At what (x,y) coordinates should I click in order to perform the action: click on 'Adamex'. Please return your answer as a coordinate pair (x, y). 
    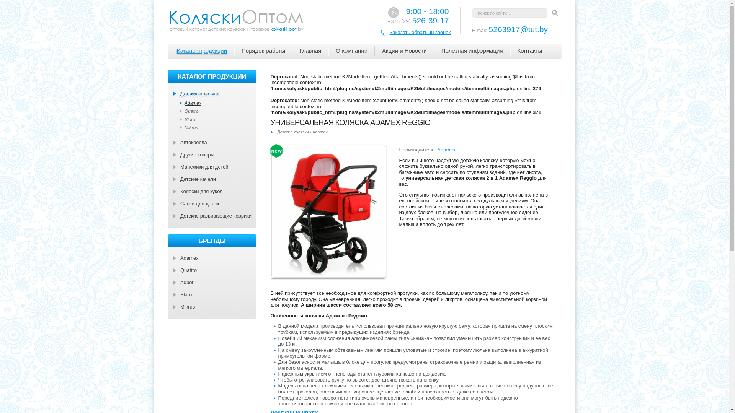
    Looking at the image, I should click on (214, 258).